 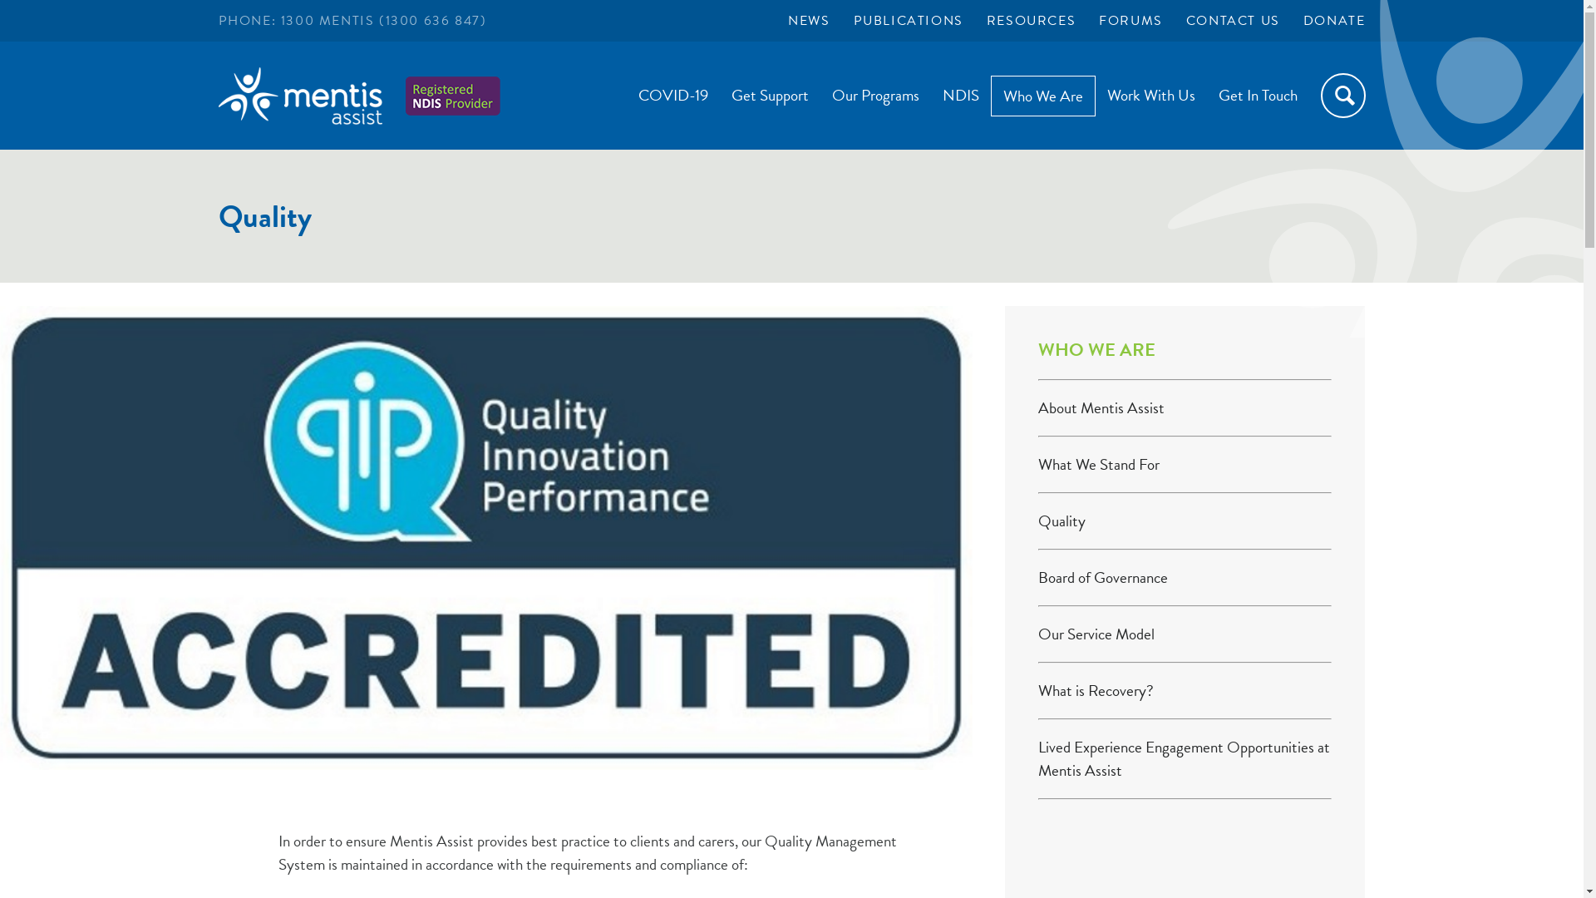 What do you see at coordinates (819, 94) in the screenshot?
I see `'Our Programs'` at bounding box center [819, 94].